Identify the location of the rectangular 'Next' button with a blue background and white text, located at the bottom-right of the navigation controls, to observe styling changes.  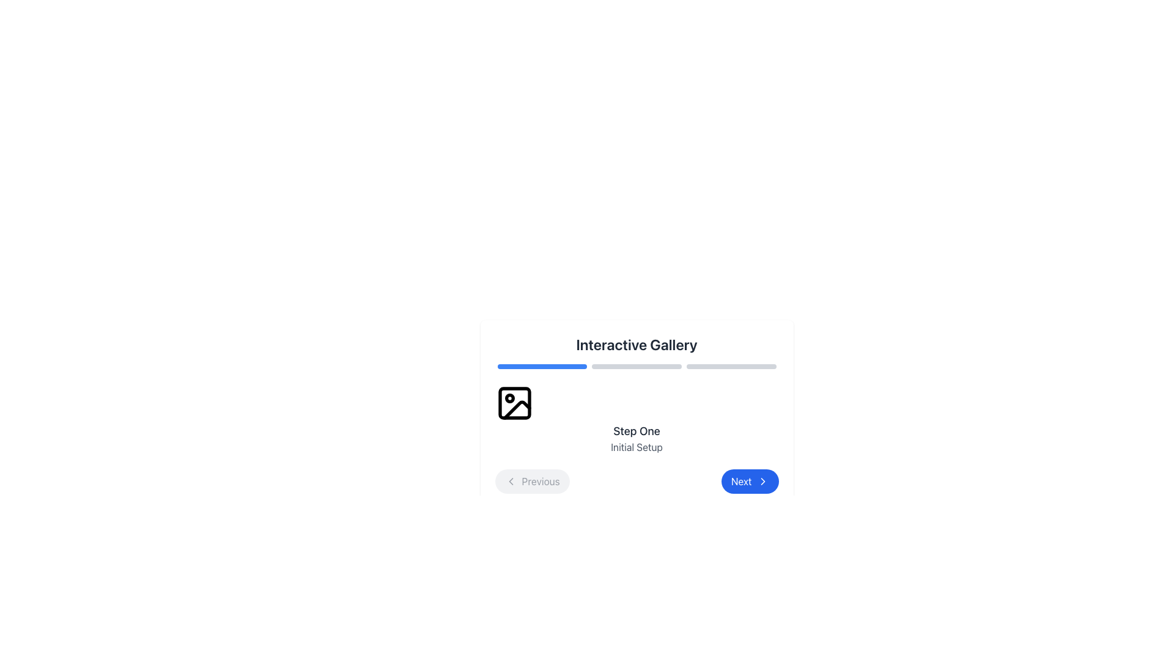
(749, 480).